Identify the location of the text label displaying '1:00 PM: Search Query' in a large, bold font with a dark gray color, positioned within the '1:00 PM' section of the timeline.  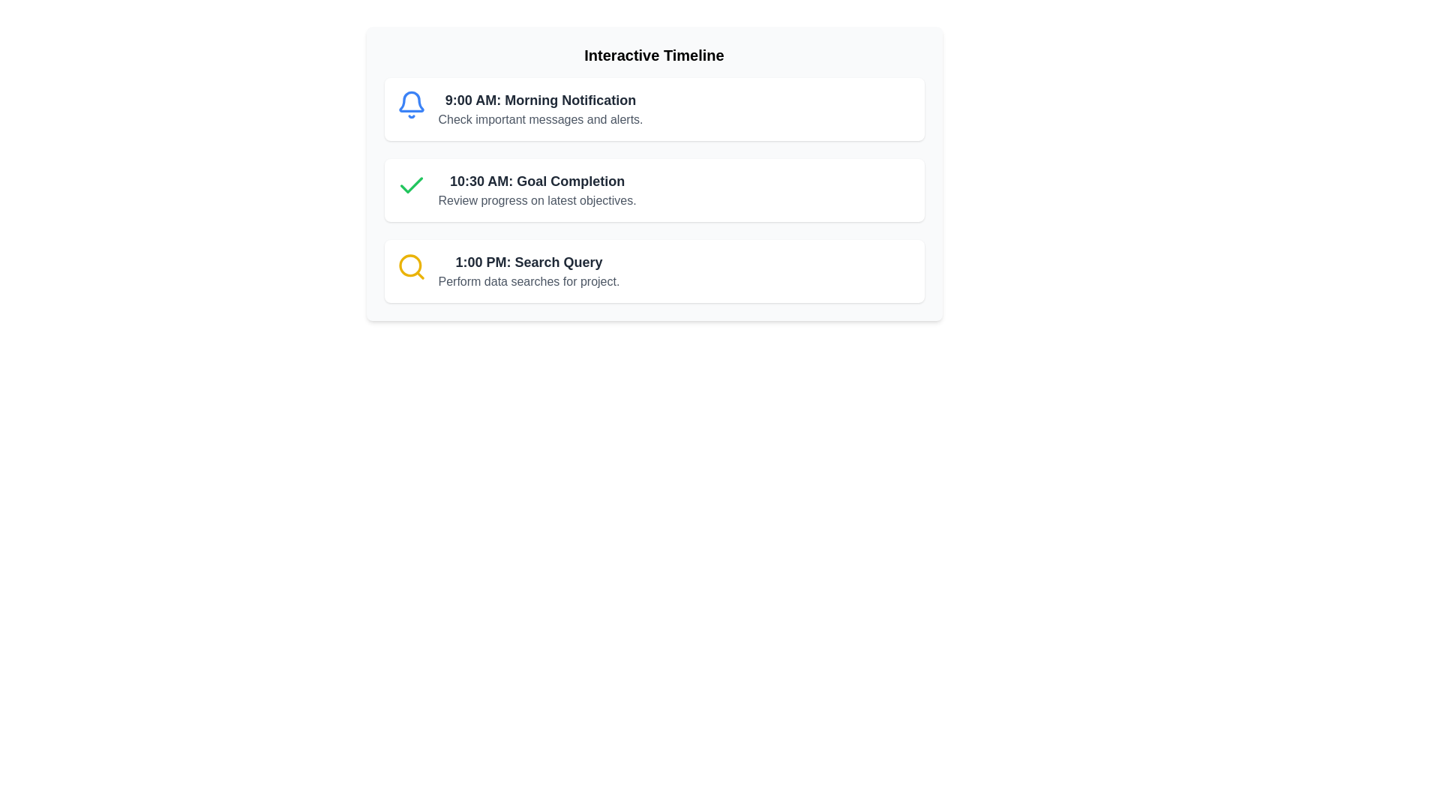
(529, 262).